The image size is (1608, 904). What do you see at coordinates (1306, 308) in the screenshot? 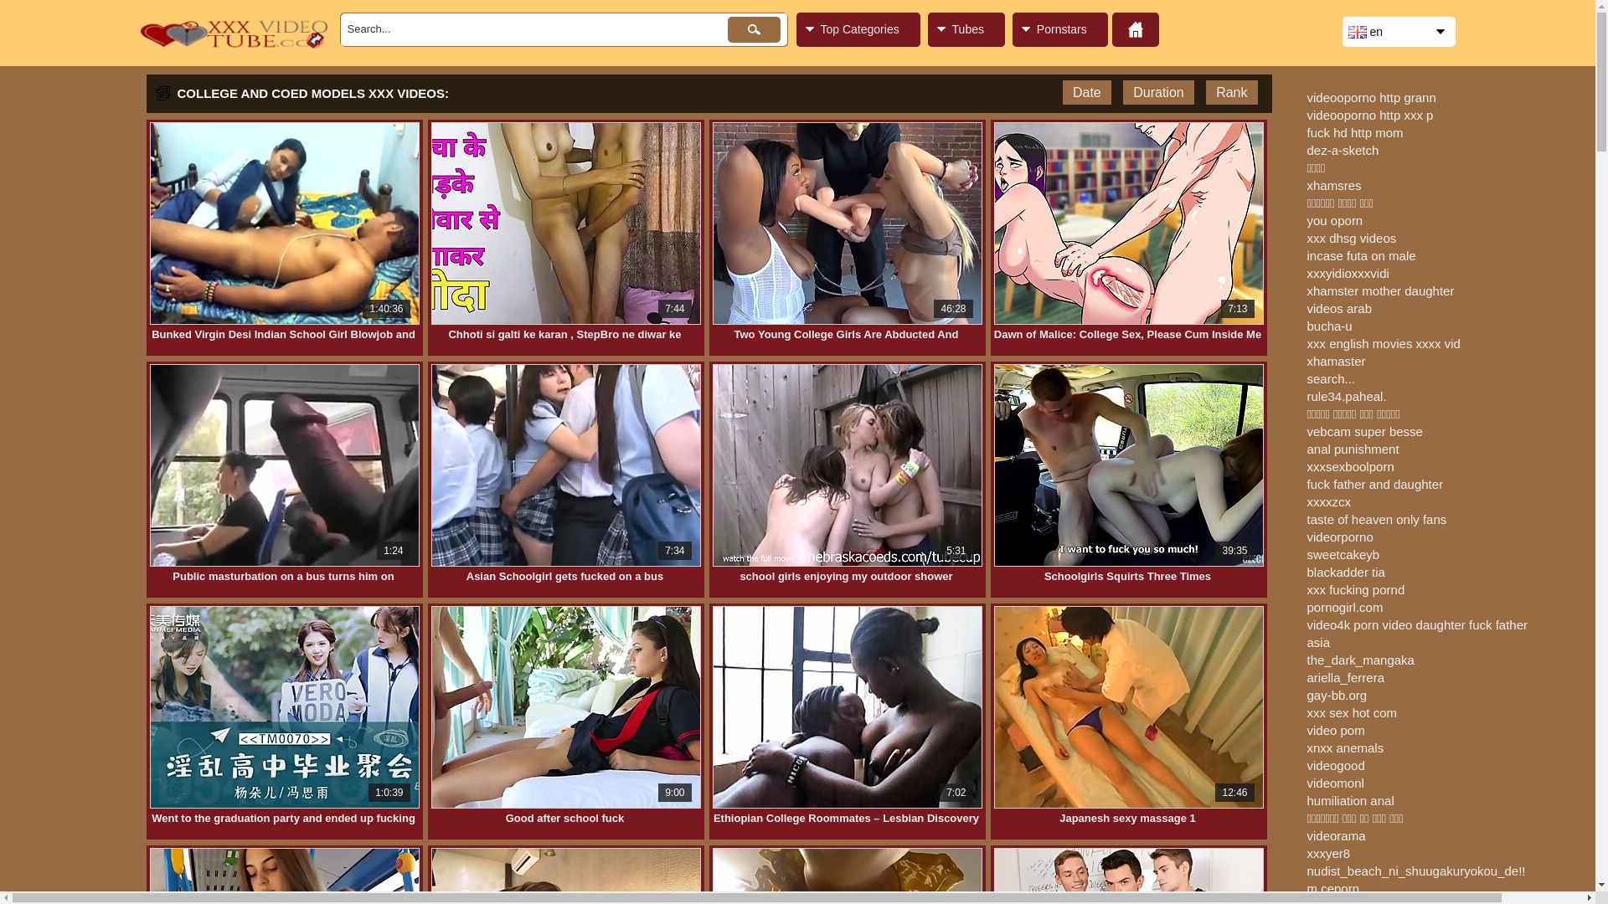
I see `'videos arab'` at bounding box center [1306, 308].